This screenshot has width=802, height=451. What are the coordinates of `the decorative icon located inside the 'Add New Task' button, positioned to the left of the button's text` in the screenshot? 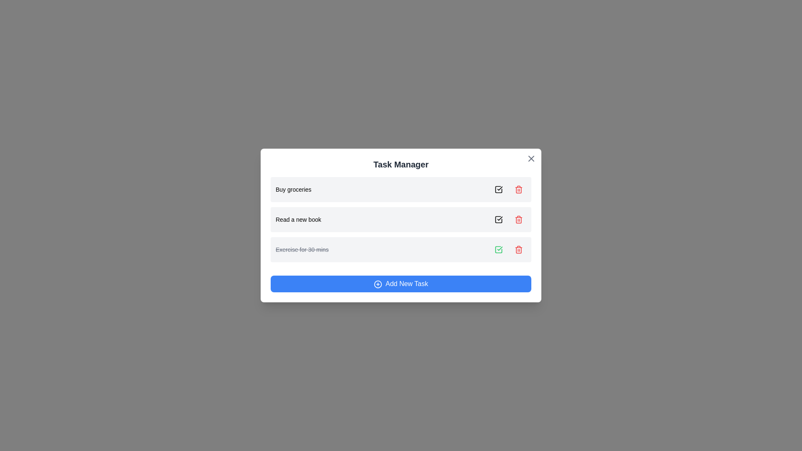 It's located at (378, 283).